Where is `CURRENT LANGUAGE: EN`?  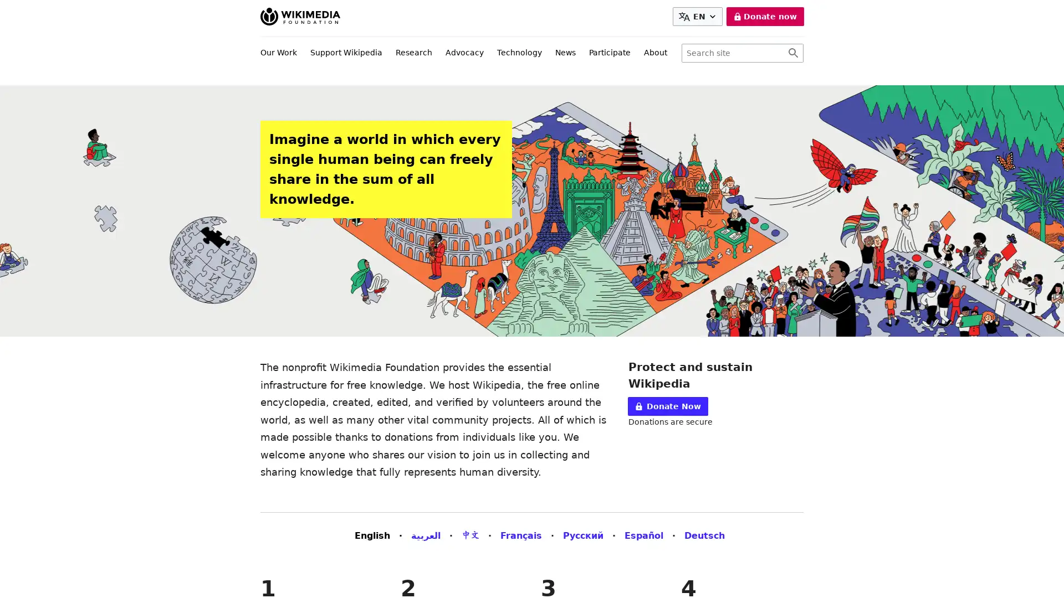
CURRENT LANGUAGE: EN is located at coordinates (697, 17).